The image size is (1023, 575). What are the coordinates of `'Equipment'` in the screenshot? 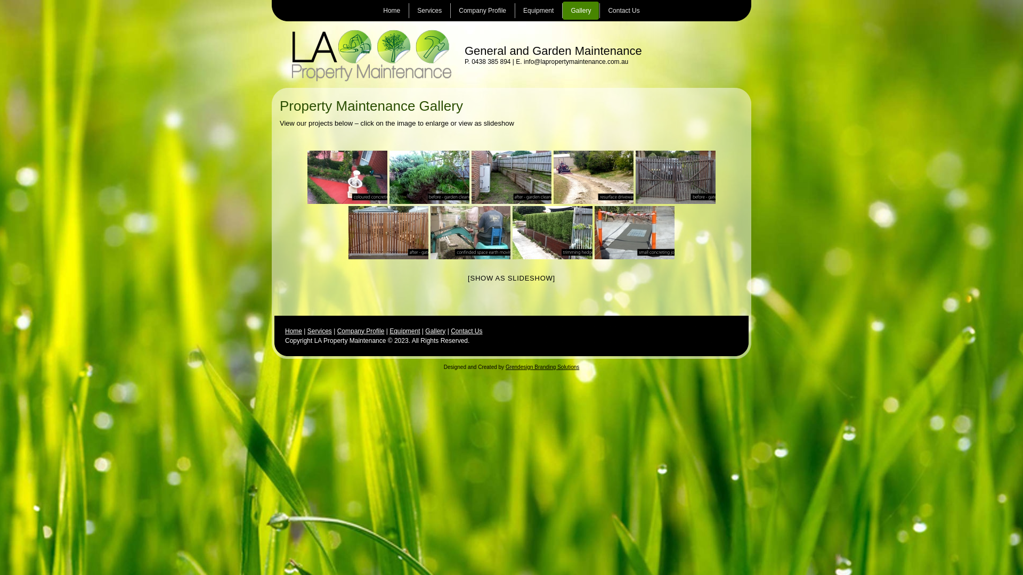 It's located at (404, 330).